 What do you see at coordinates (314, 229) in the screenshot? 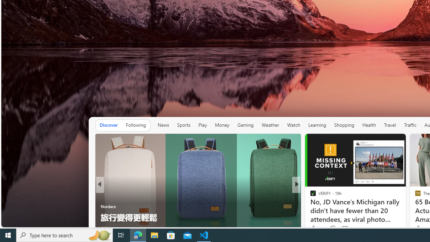
I see `'611 Like'` at bounding box center [314, 229].